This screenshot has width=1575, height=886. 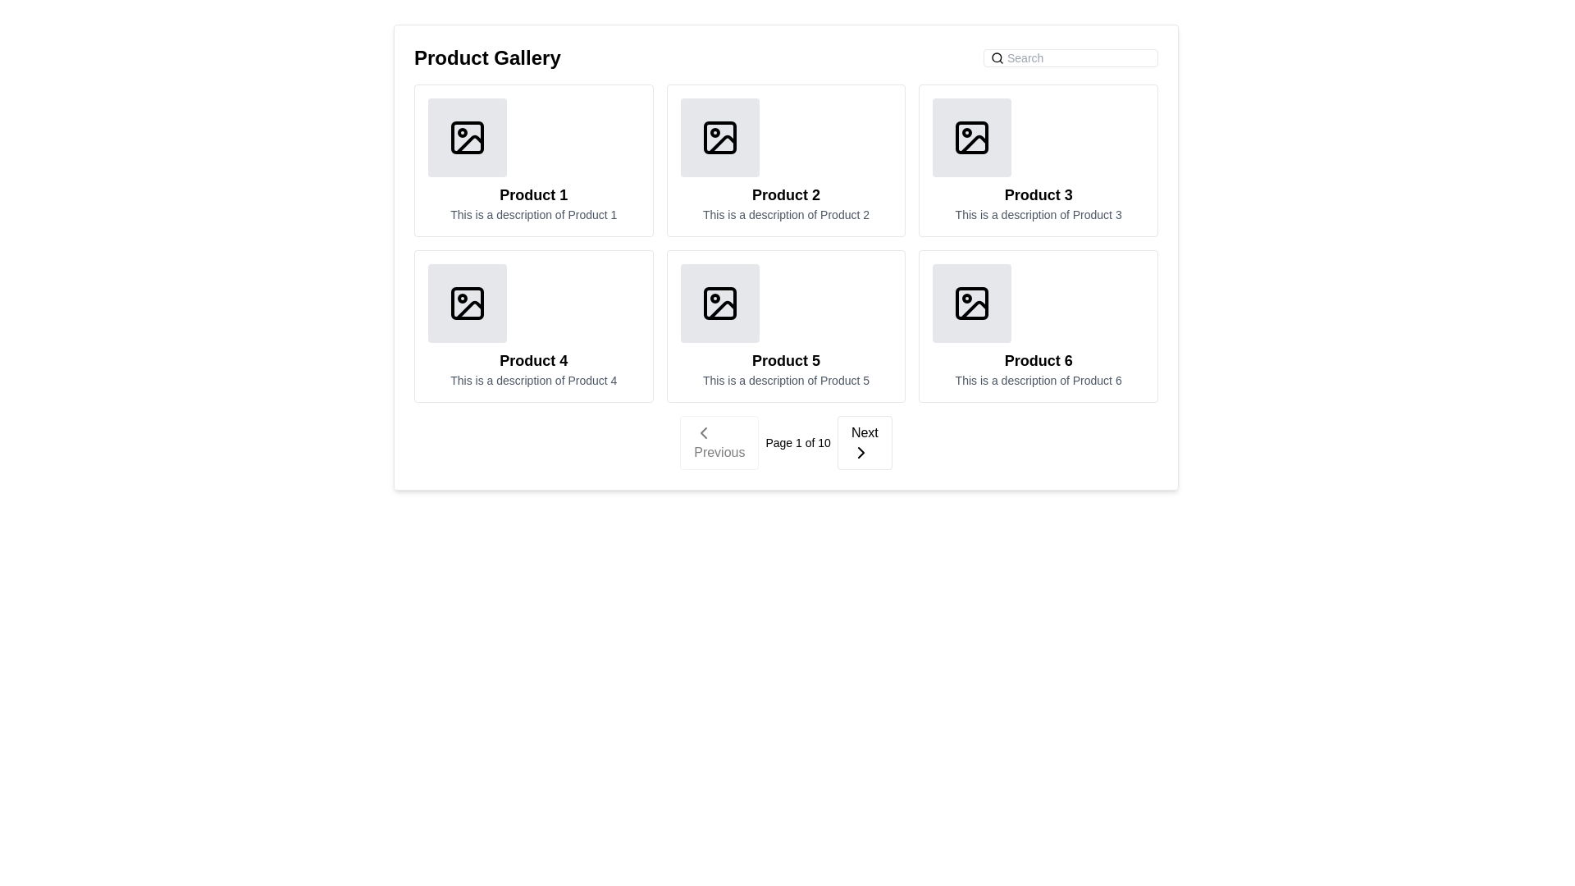 I want to click on the description text for 'Product 4' located beneath its title within the product card, so click(x=533, y=380).